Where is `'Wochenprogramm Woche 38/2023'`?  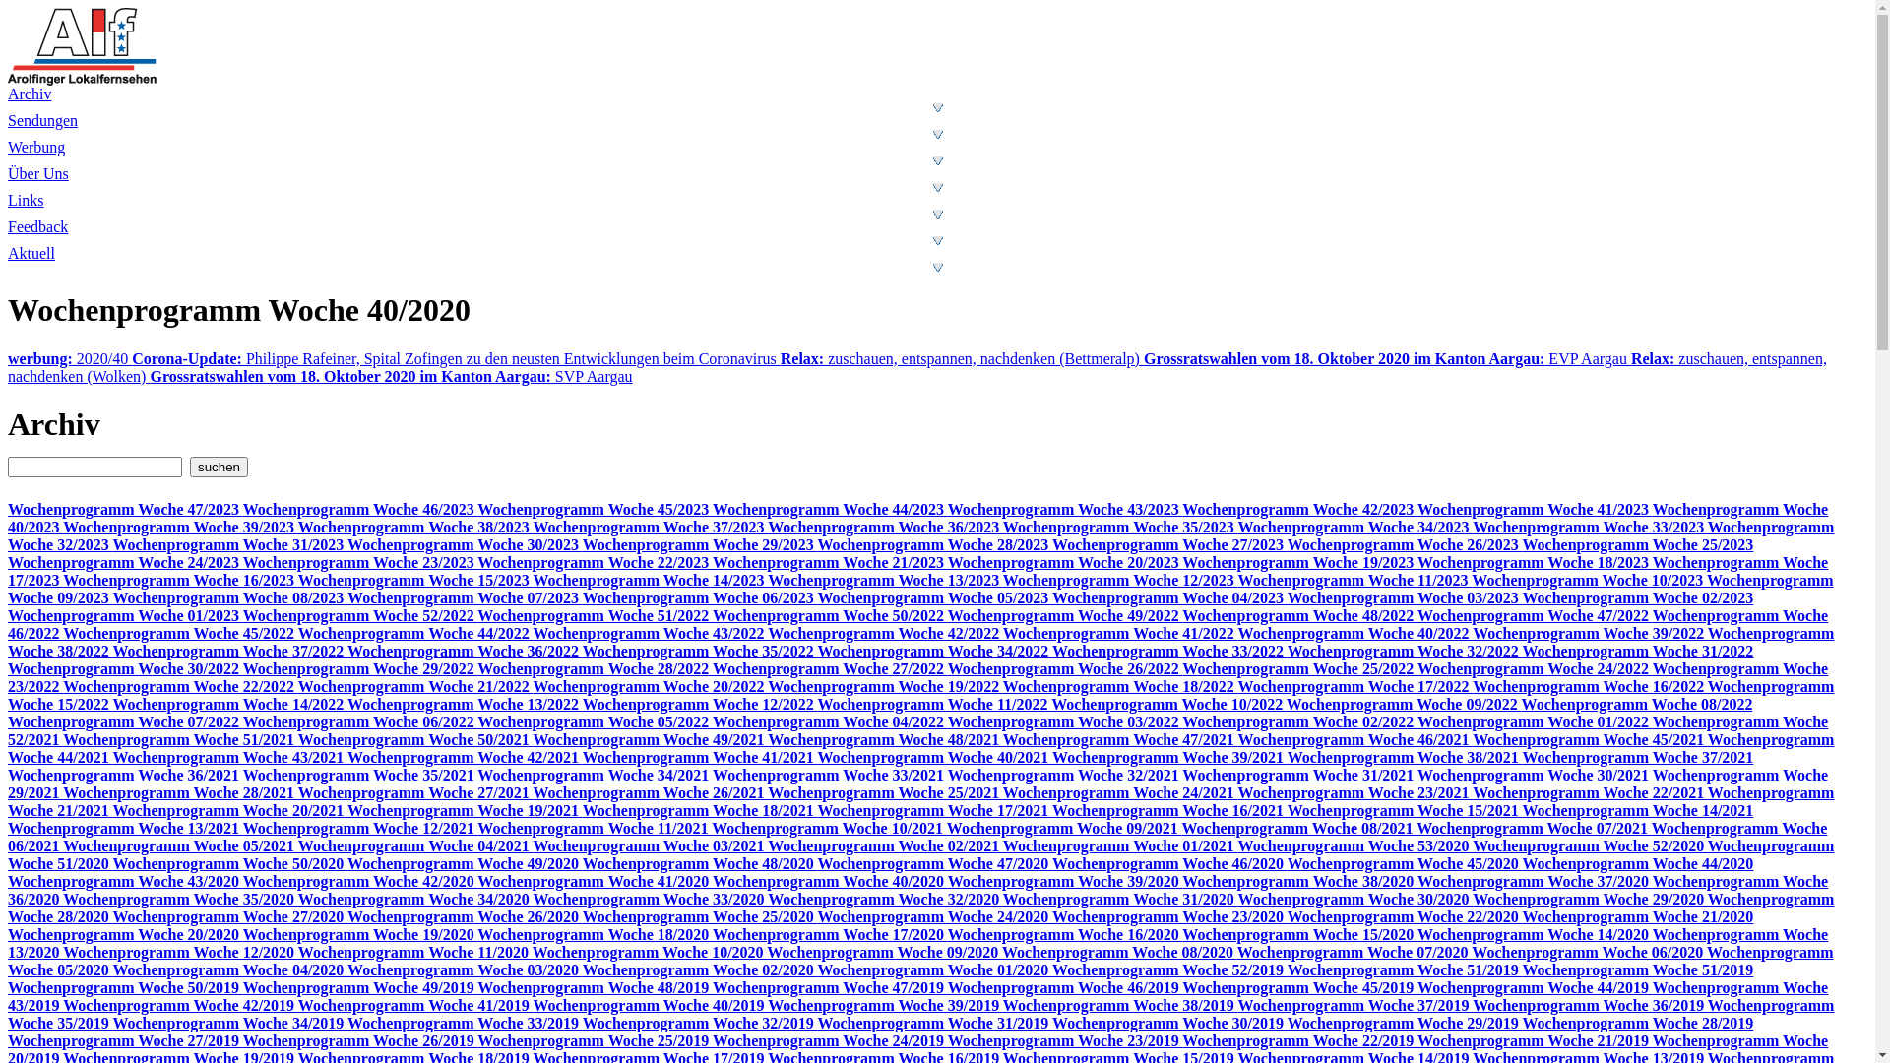
'Wochenprogramm Woche 38/2023' is located at coordinates (414, 526).